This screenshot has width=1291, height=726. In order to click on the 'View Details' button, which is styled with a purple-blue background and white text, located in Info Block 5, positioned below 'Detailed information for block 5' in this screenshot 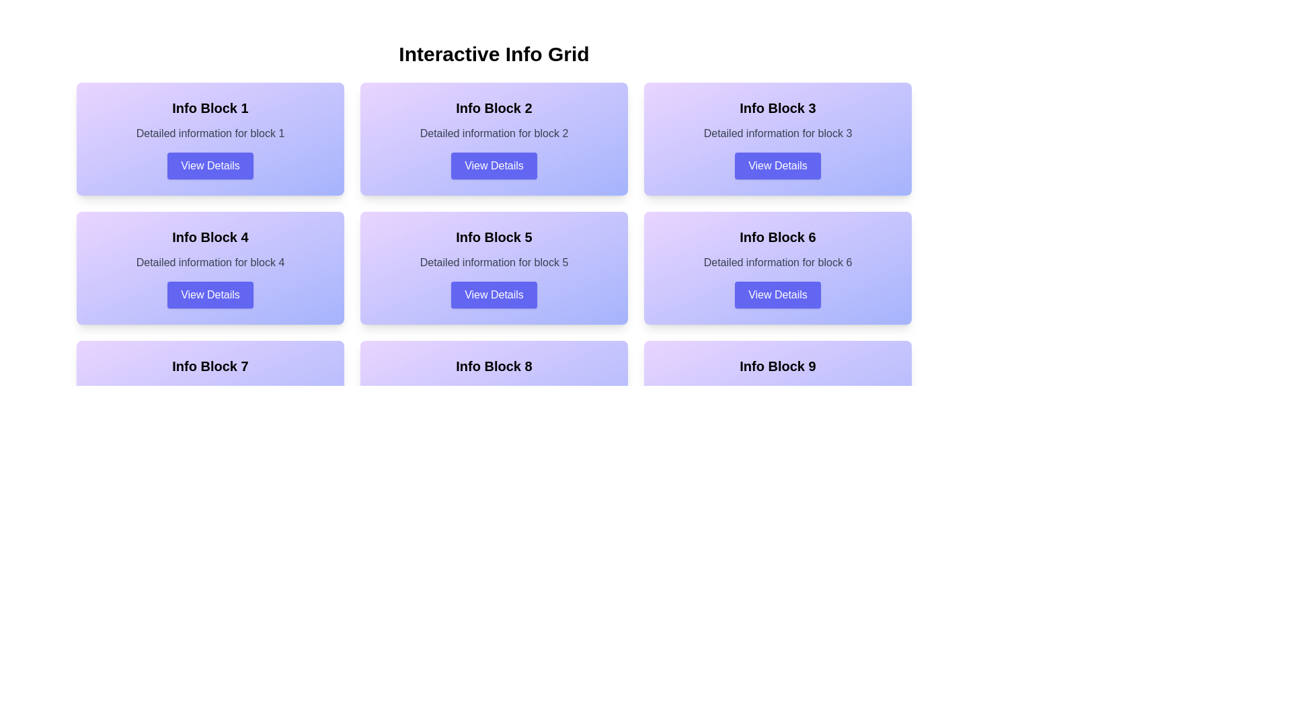, I will do `click(493, 294)`.